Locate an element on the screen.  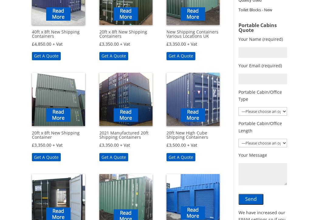
'Your Message' is located at coordinates (252, 154).